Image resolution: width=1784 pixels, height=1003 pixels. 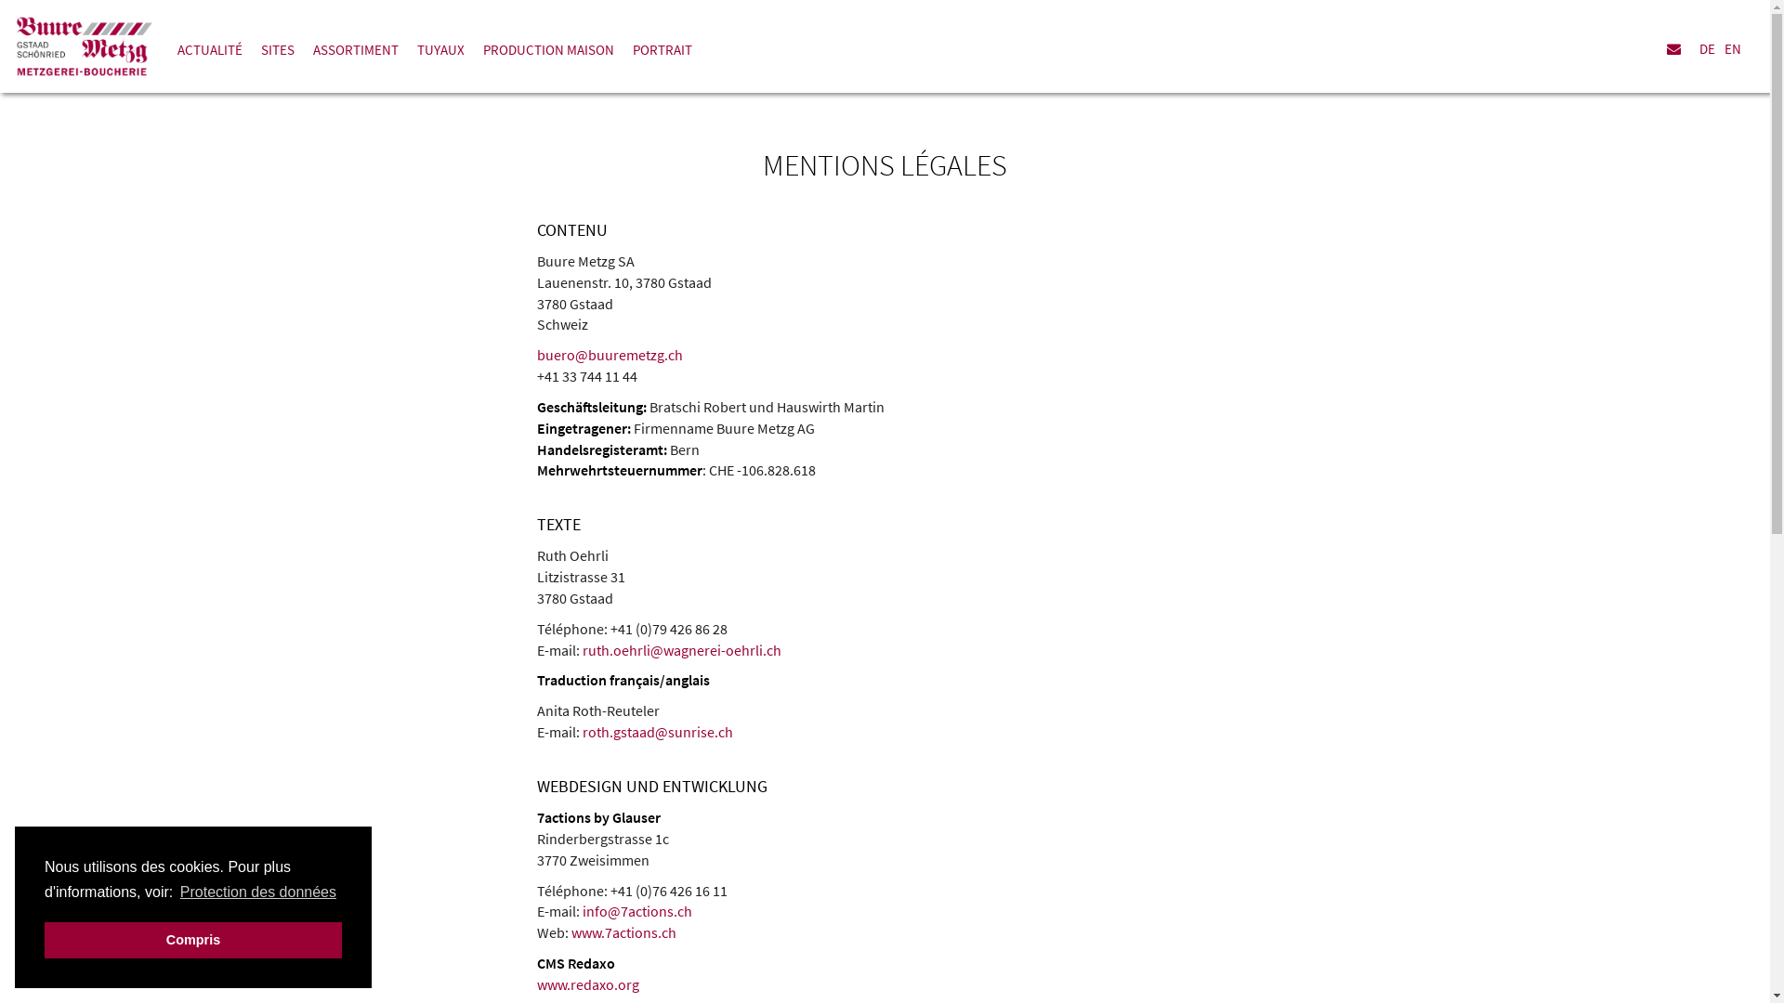 What do you see at coordinates (610, 354) in the screenshot?
I see `'buero@buuremetzg.ch'` at bounding box center [610, 354].